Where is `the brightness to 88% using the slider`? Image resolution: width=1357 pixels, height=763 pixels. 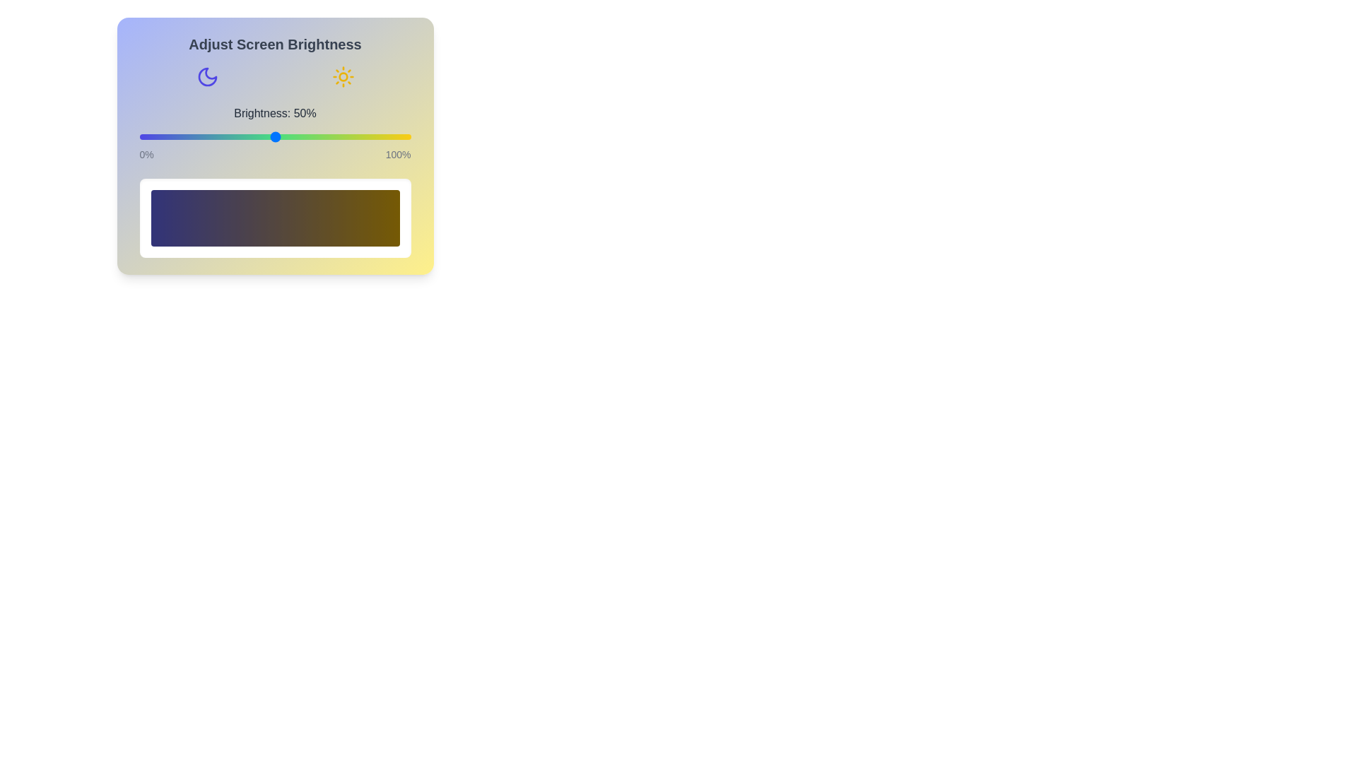 the brightness to 88% using the slider is located at coordinates (378, 136).